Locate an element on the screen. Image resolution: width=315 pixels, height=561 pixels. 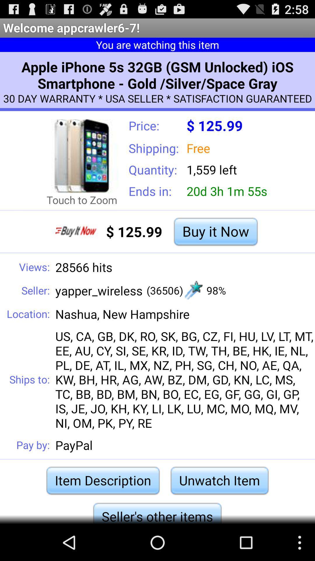
the icon next to item description item is located at coordinates (219, 480).